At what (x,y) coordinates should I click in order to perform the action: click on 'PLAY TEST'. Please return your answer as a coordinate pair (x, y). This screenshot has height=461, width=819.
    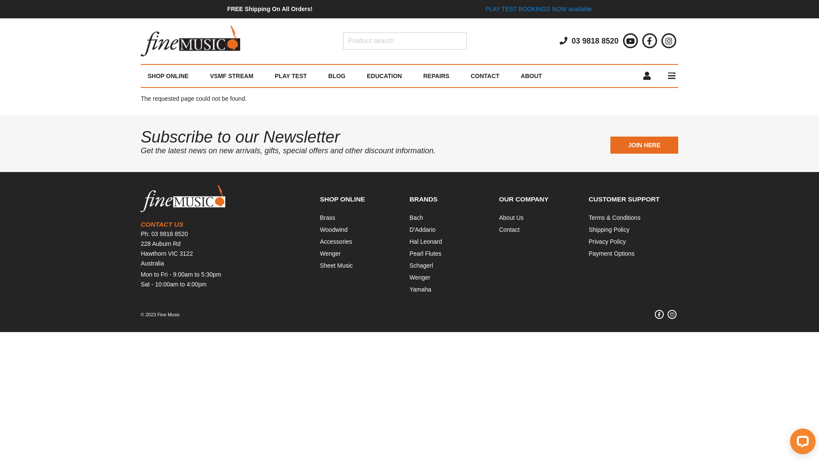
    Looking at the image, I should click on (264, 75).